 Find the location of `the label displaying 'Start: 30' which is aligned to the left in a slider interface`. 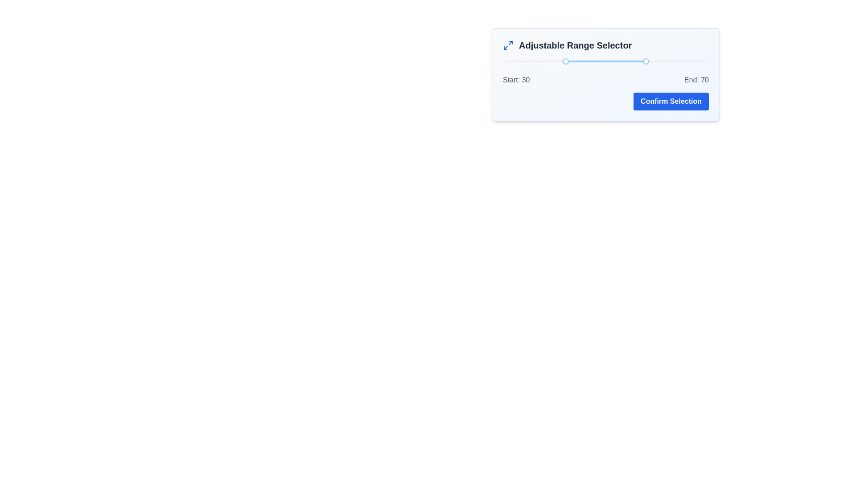

the label displaying 'Start: 30' which is aligned to the left in a slider interface is located at coordinates (516, 80).